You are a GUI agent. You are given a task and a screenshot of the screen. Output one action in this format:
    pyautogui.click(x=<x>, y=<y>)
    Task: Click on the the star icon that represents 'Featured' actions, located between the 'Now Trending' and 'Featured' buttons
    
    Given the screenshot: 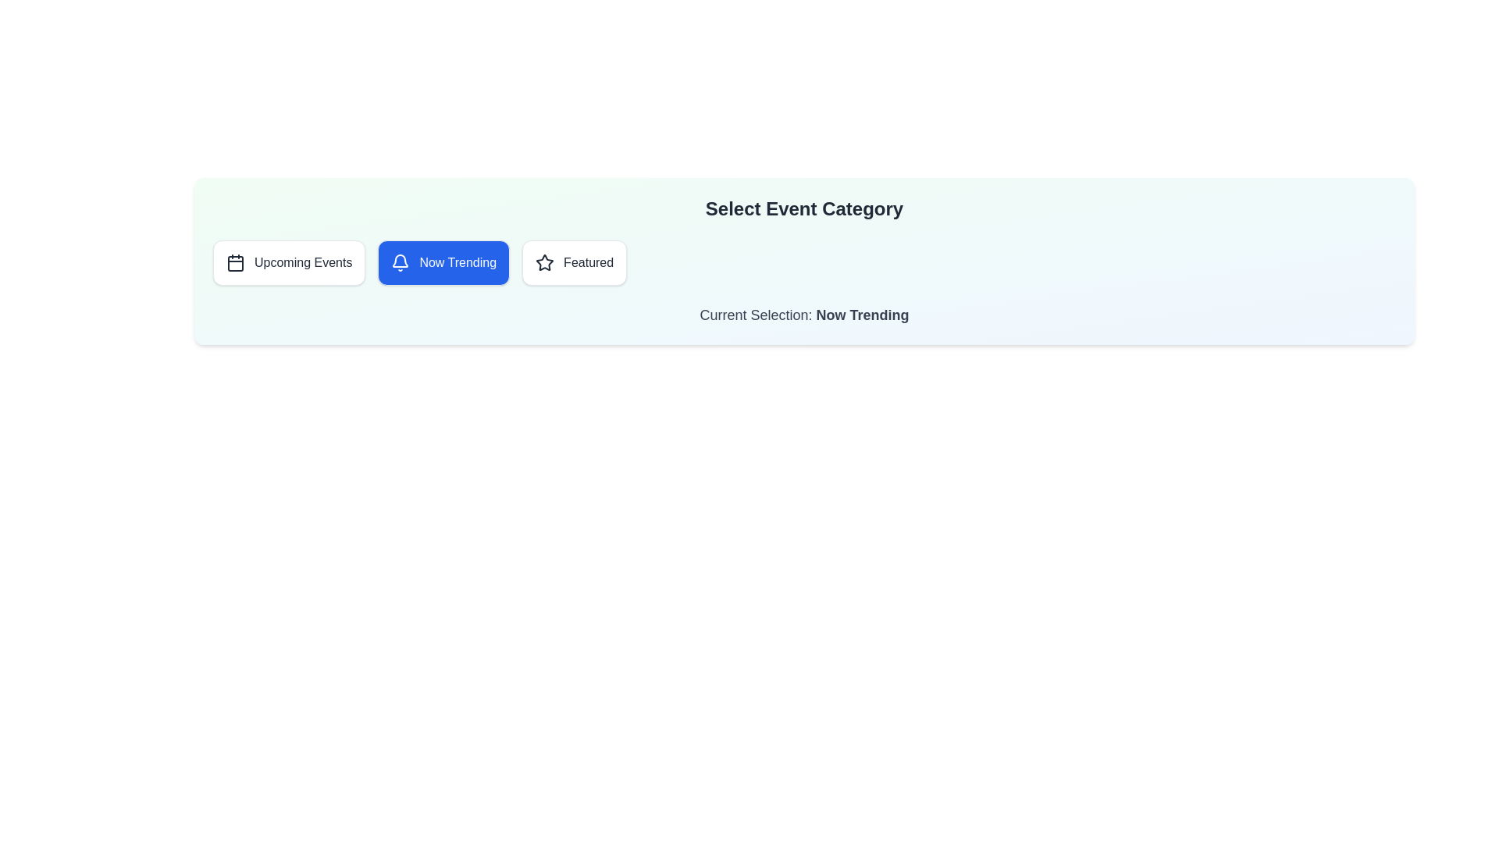 What is the action you would take?
    pyautogui.click(x=545, y=261)
    